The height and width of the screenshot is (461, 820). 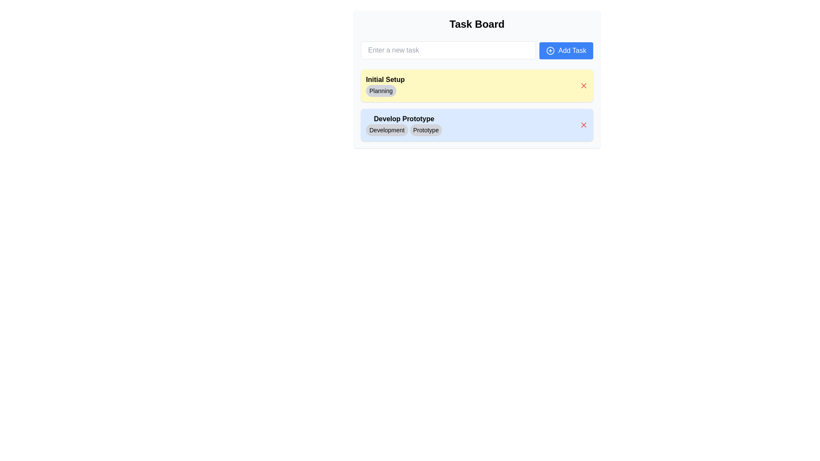 I want to click on bold-text label displaying 'Develop Prototype', which serves as a heading for the task in the second row of the task board interface, so click(x=404, y=119).